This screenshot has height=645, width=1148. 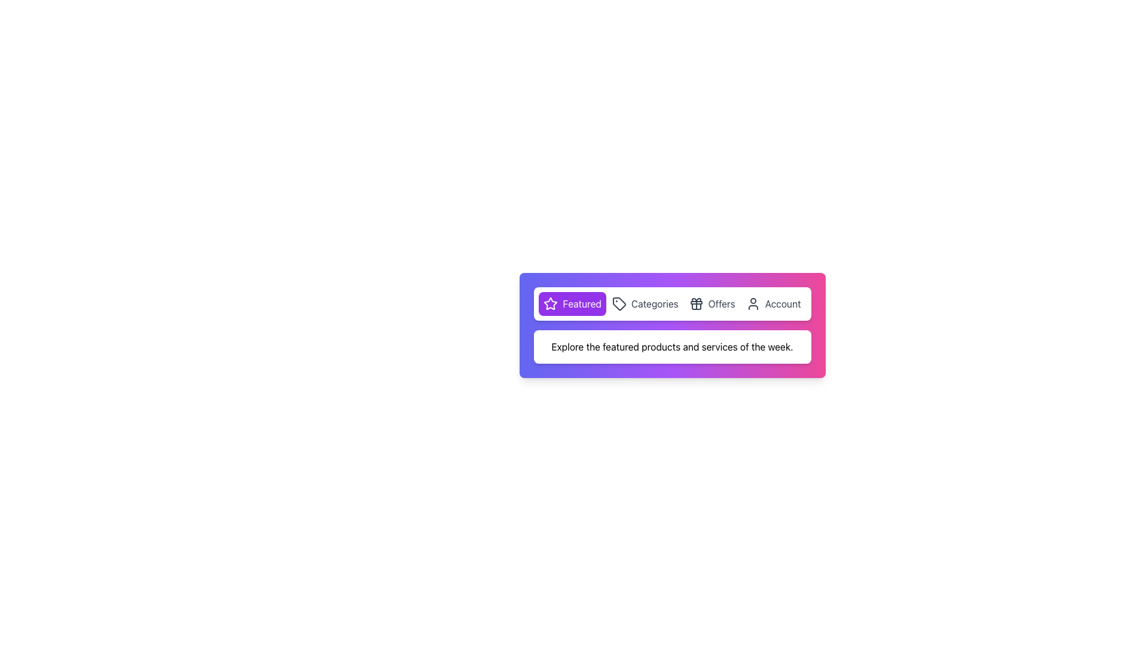 I want to click on the 'Account' button, which is the fourth button in a row of four and features a user icon to the left of the text, so click(x=773, y=303).